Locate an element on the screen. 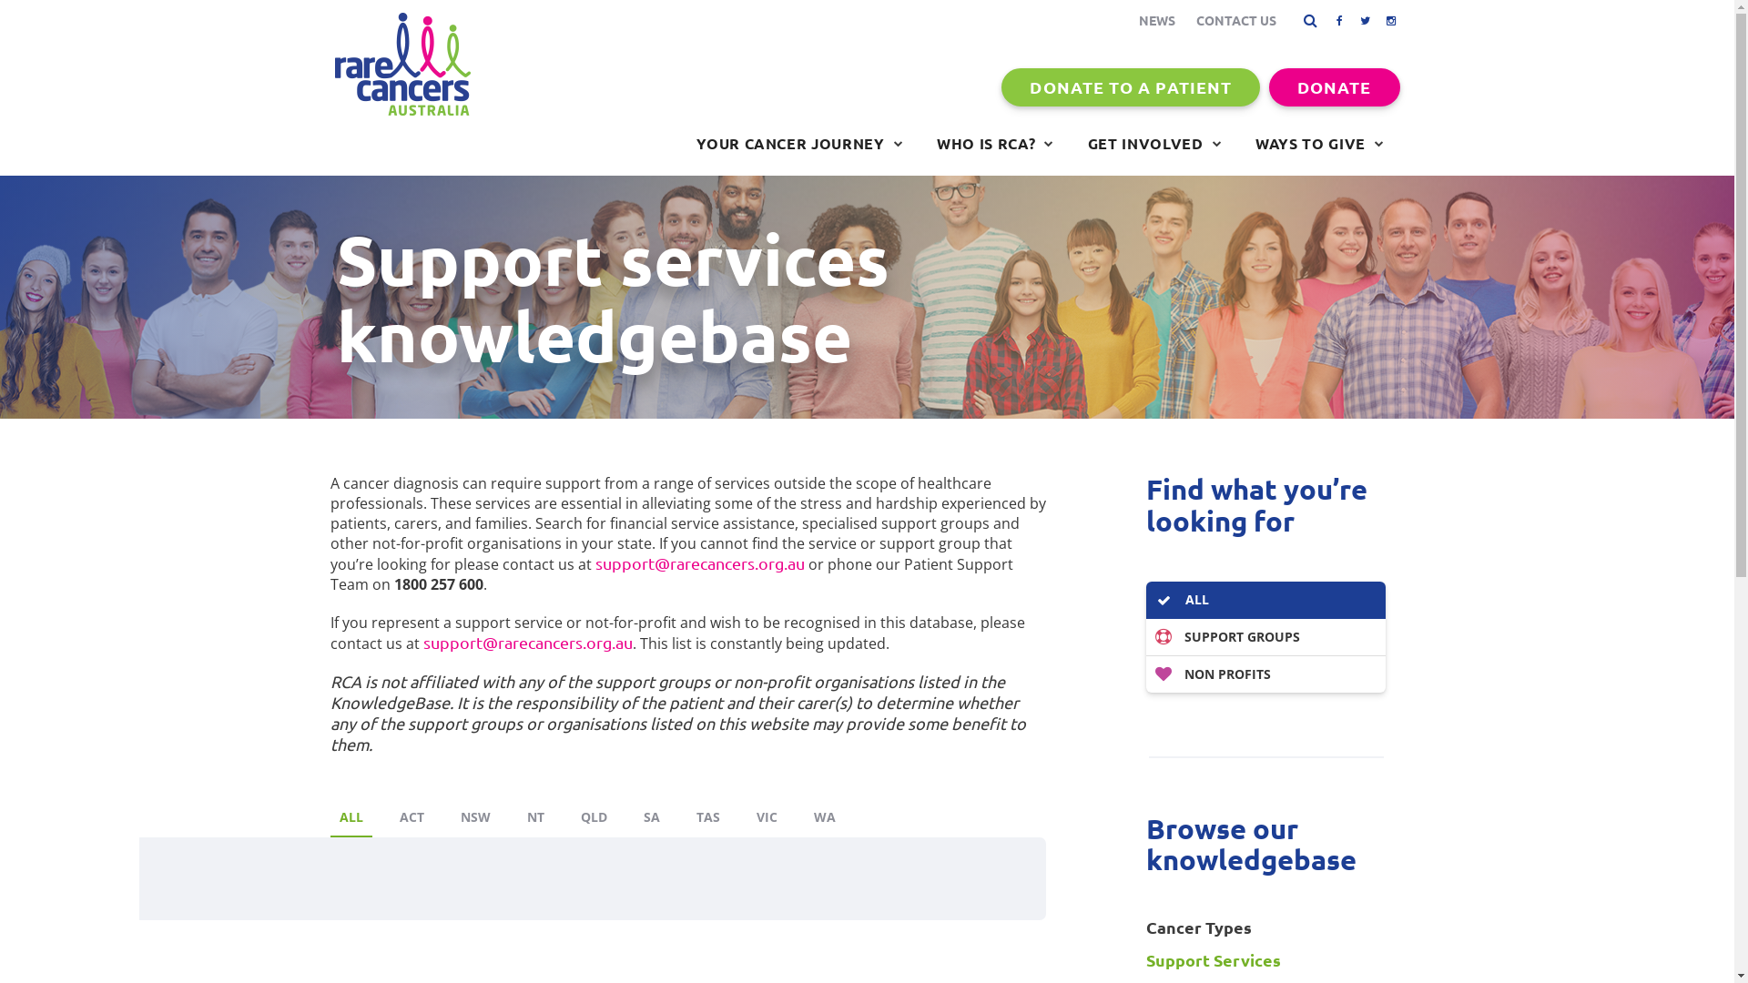  'NT' is located at coordinates (534, 817).